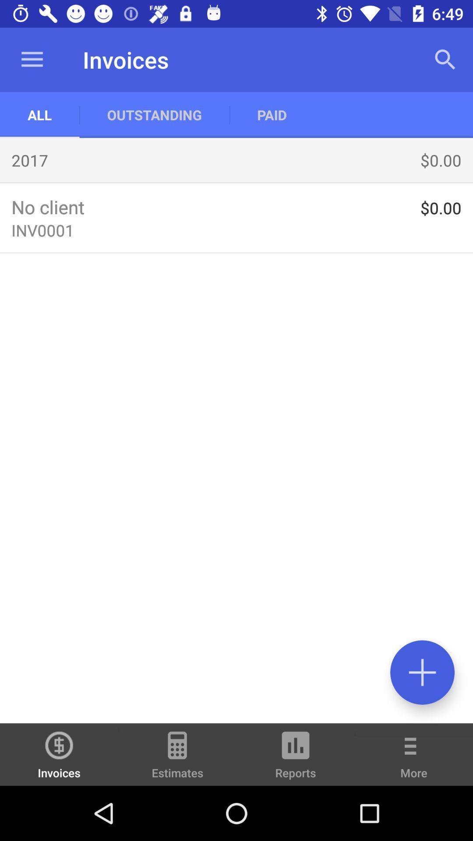  I want to click on item next to outstanding icon, so click(39, 114).